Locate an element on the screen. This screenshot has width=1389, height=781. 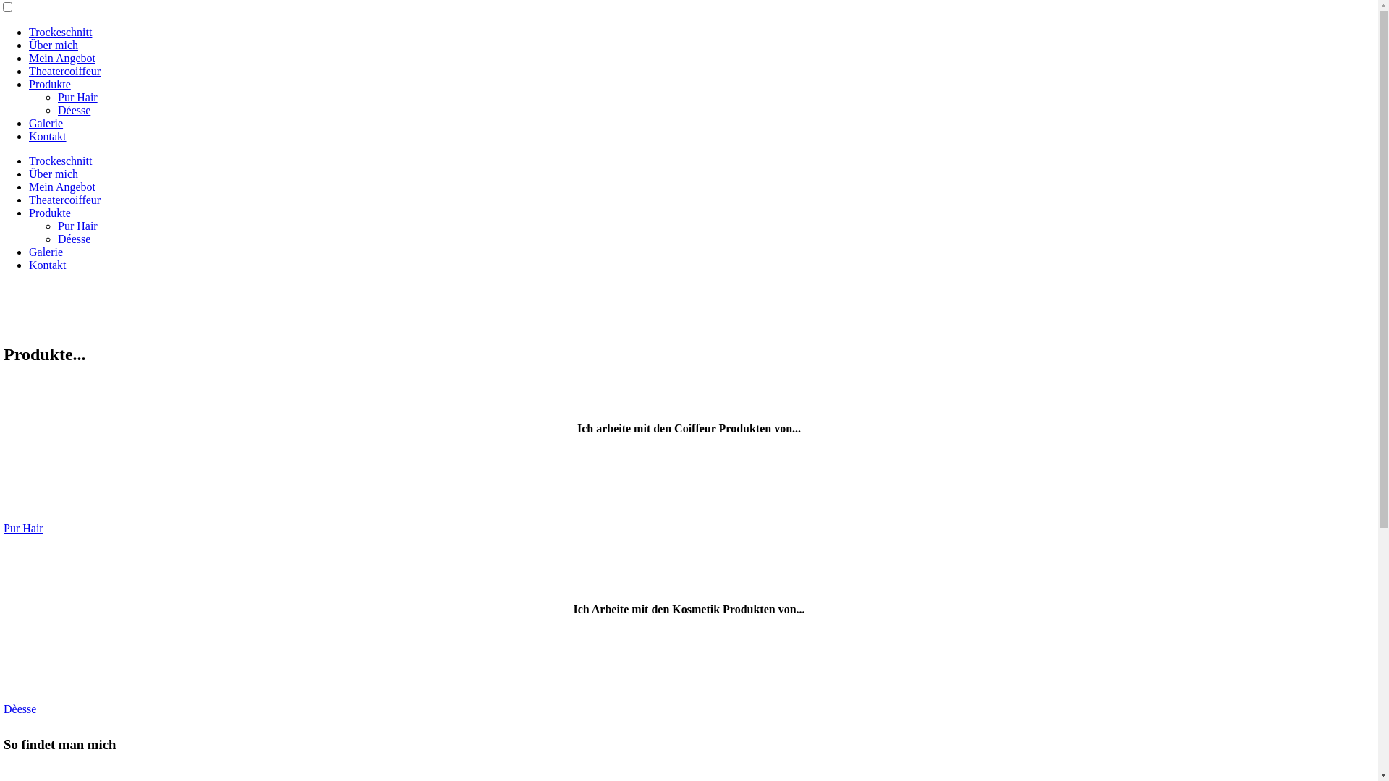
'Pur Hair' is located at coordinates (23, 528).